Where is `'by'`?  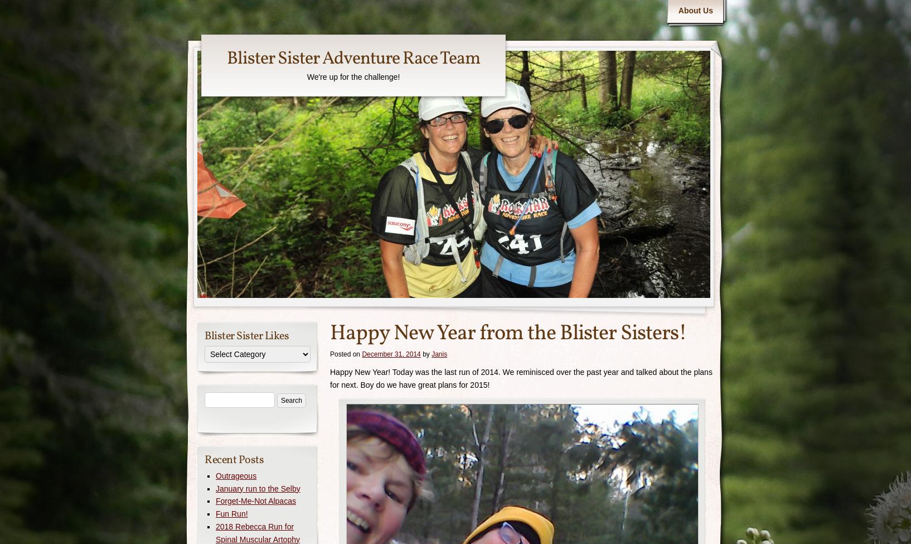 'by' is located at coordinates (426, 354).